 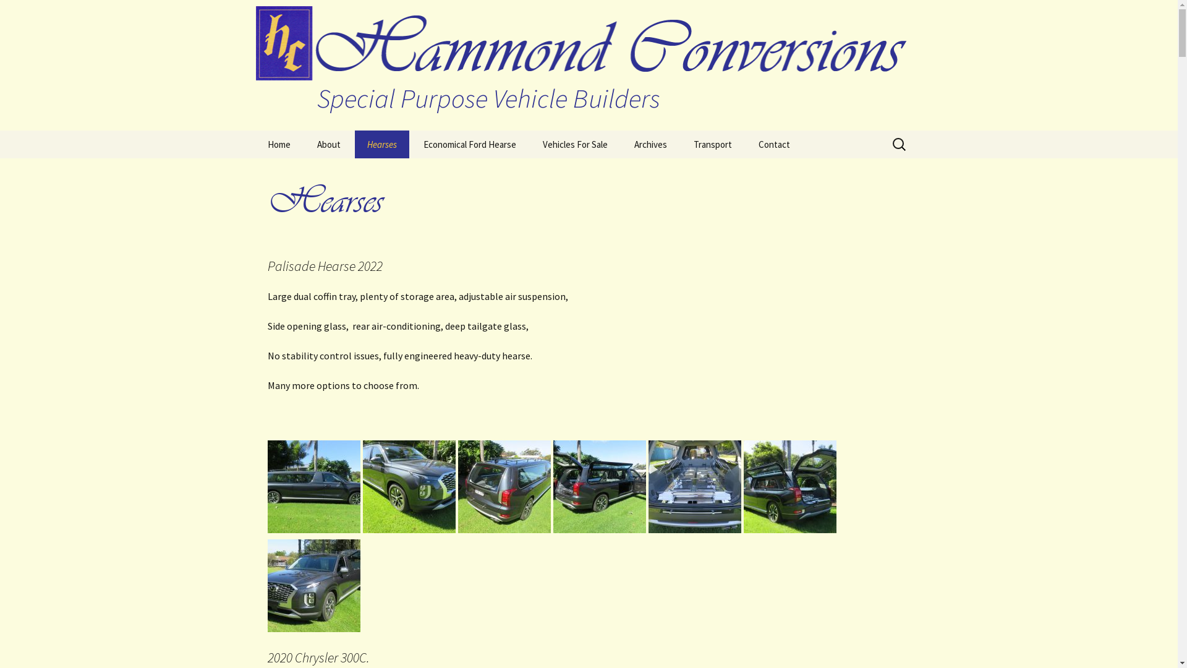 What do you see at coordinates (574, 143) in the screenshot?
I see `'Vehicles For Sale'` at bounding box center [574, 143].